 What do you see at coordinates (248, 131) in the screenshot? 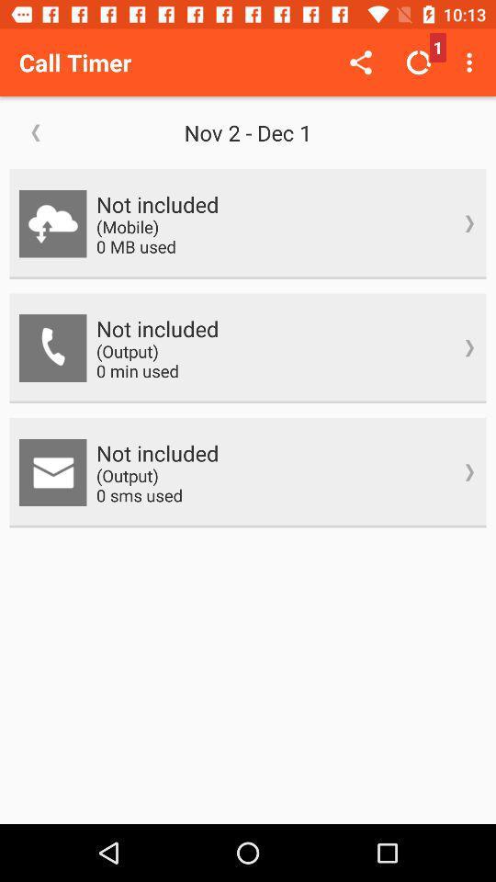
I see `the nov 2 dec` at bounding box center [248, 131].